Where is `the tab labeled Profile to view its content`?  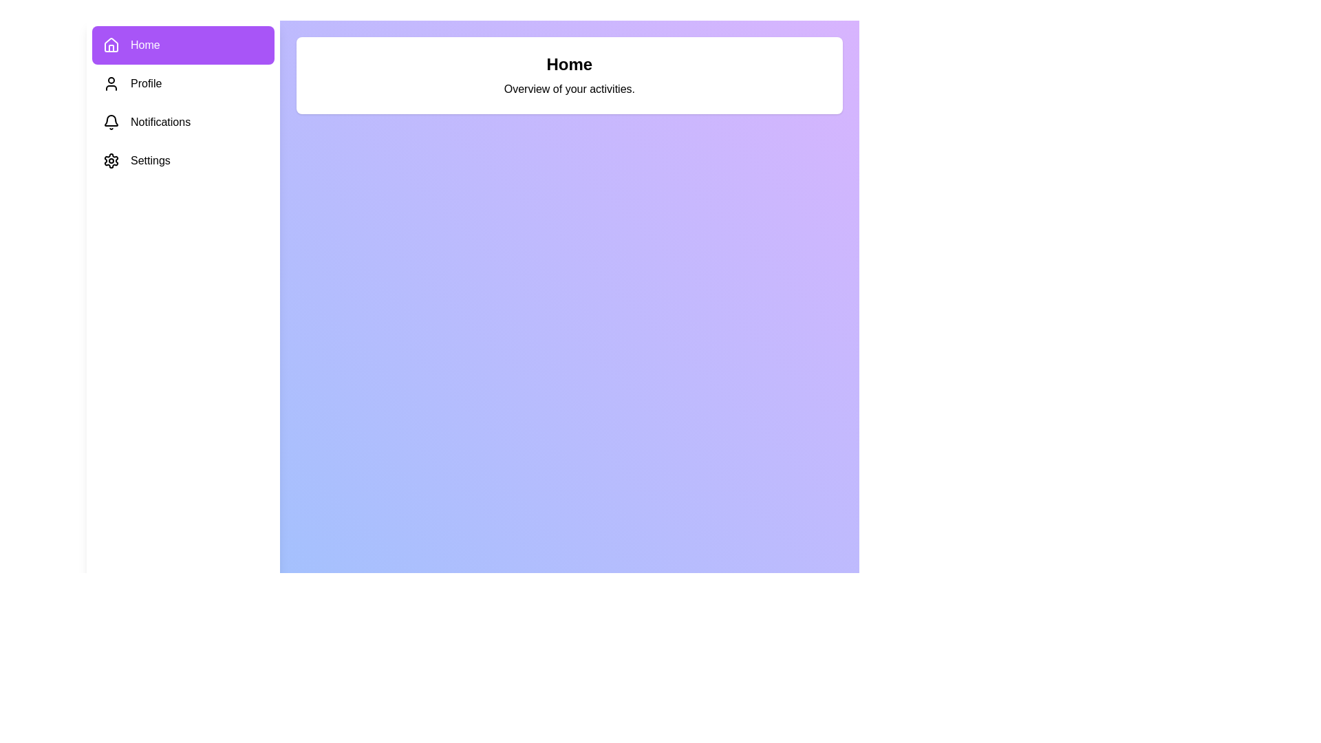 the tab labeled Profile to view its content is located at coordinates (182, 84).